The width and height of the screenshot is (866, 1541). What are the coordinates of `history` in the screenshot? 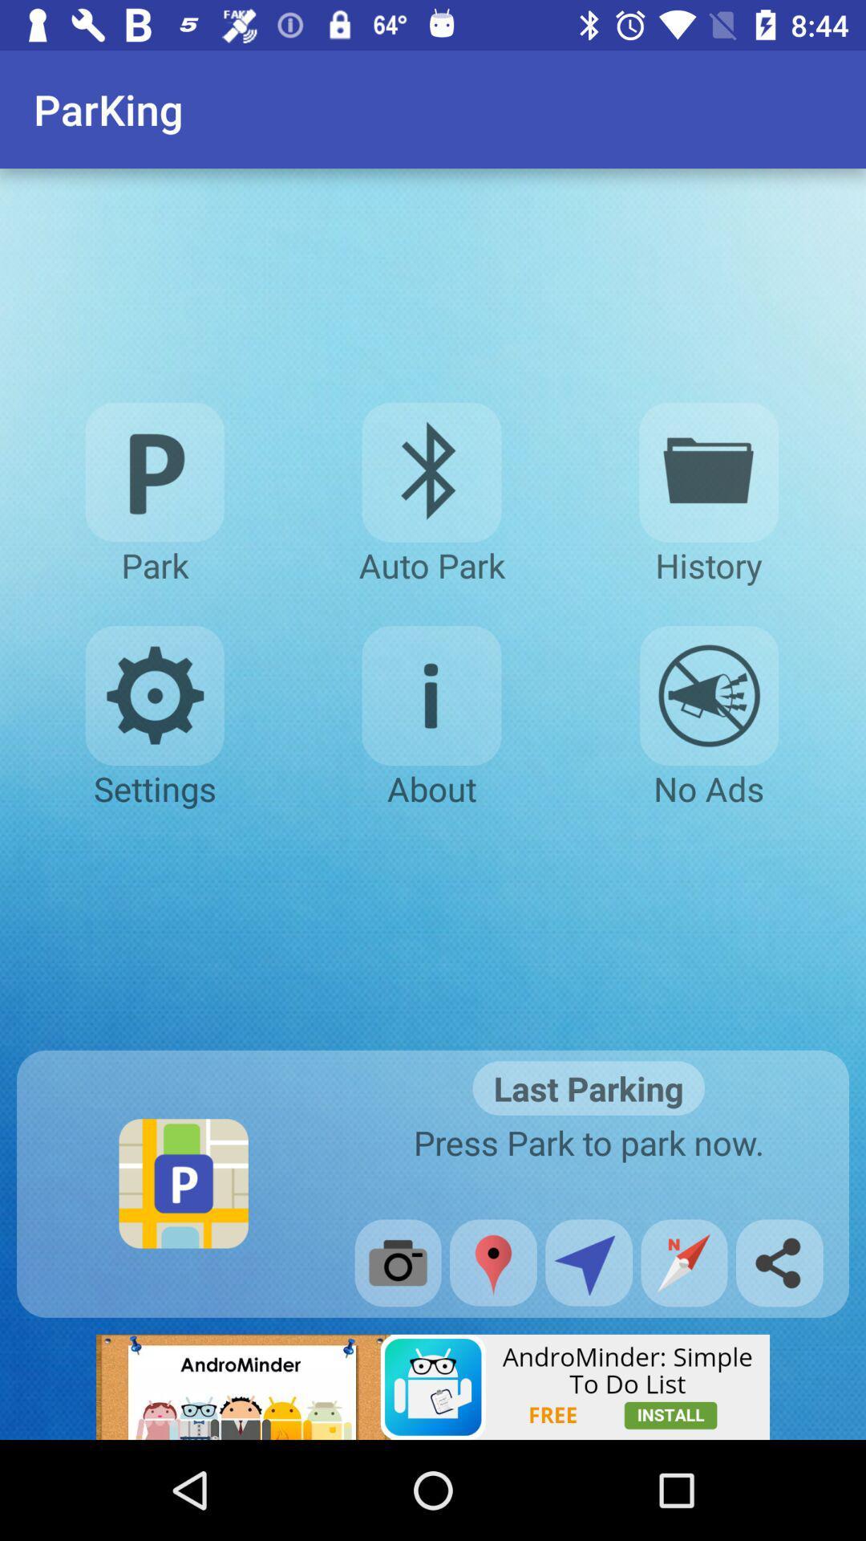 It's located at (708, 471).